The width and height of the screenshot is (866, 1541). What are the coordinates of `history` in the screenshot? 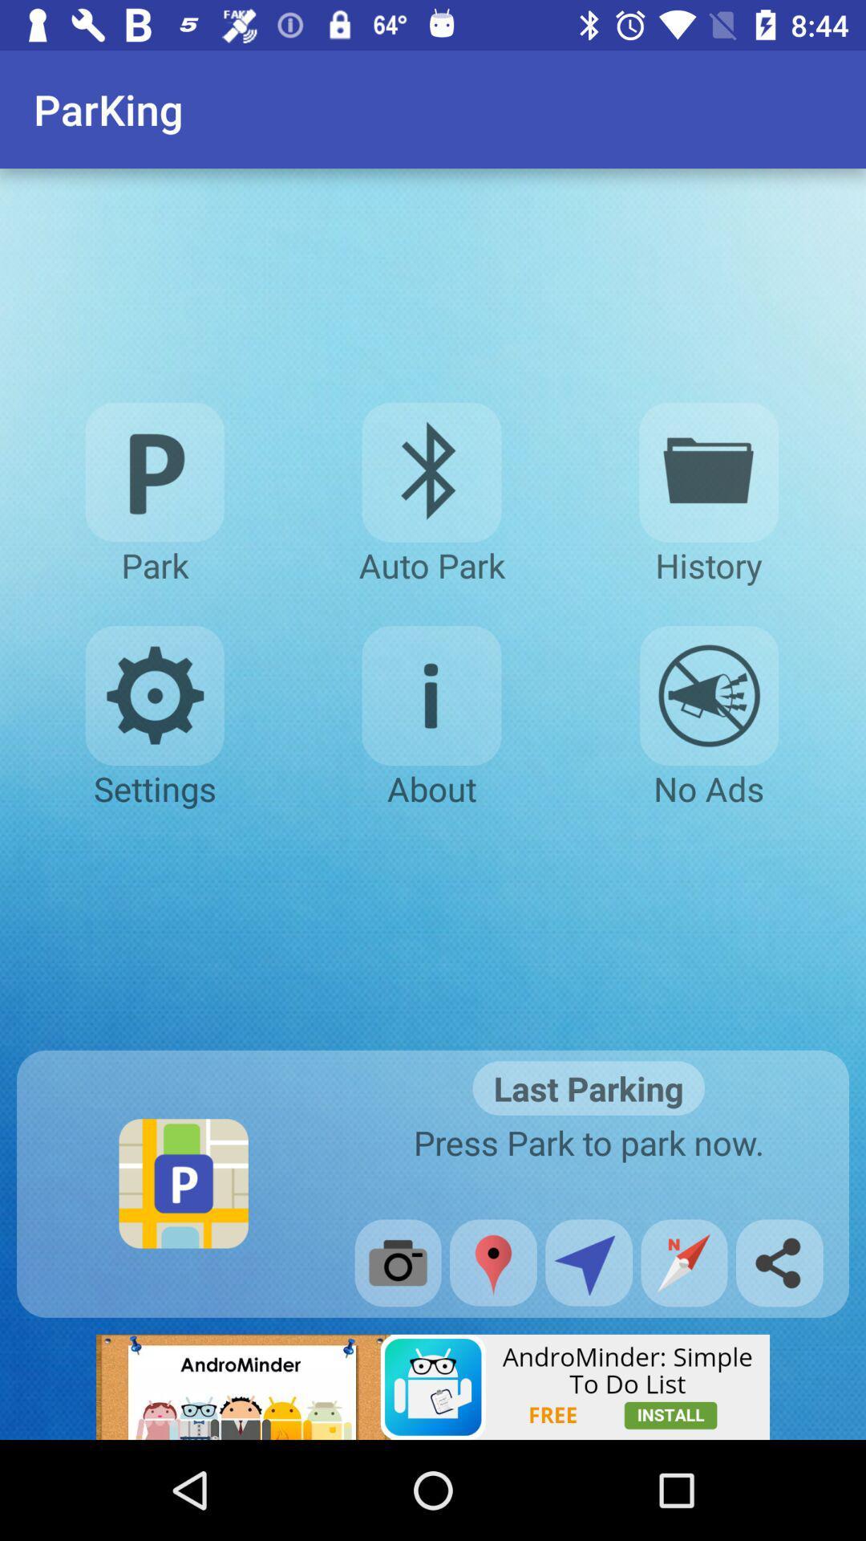 It's located at (708, 471).